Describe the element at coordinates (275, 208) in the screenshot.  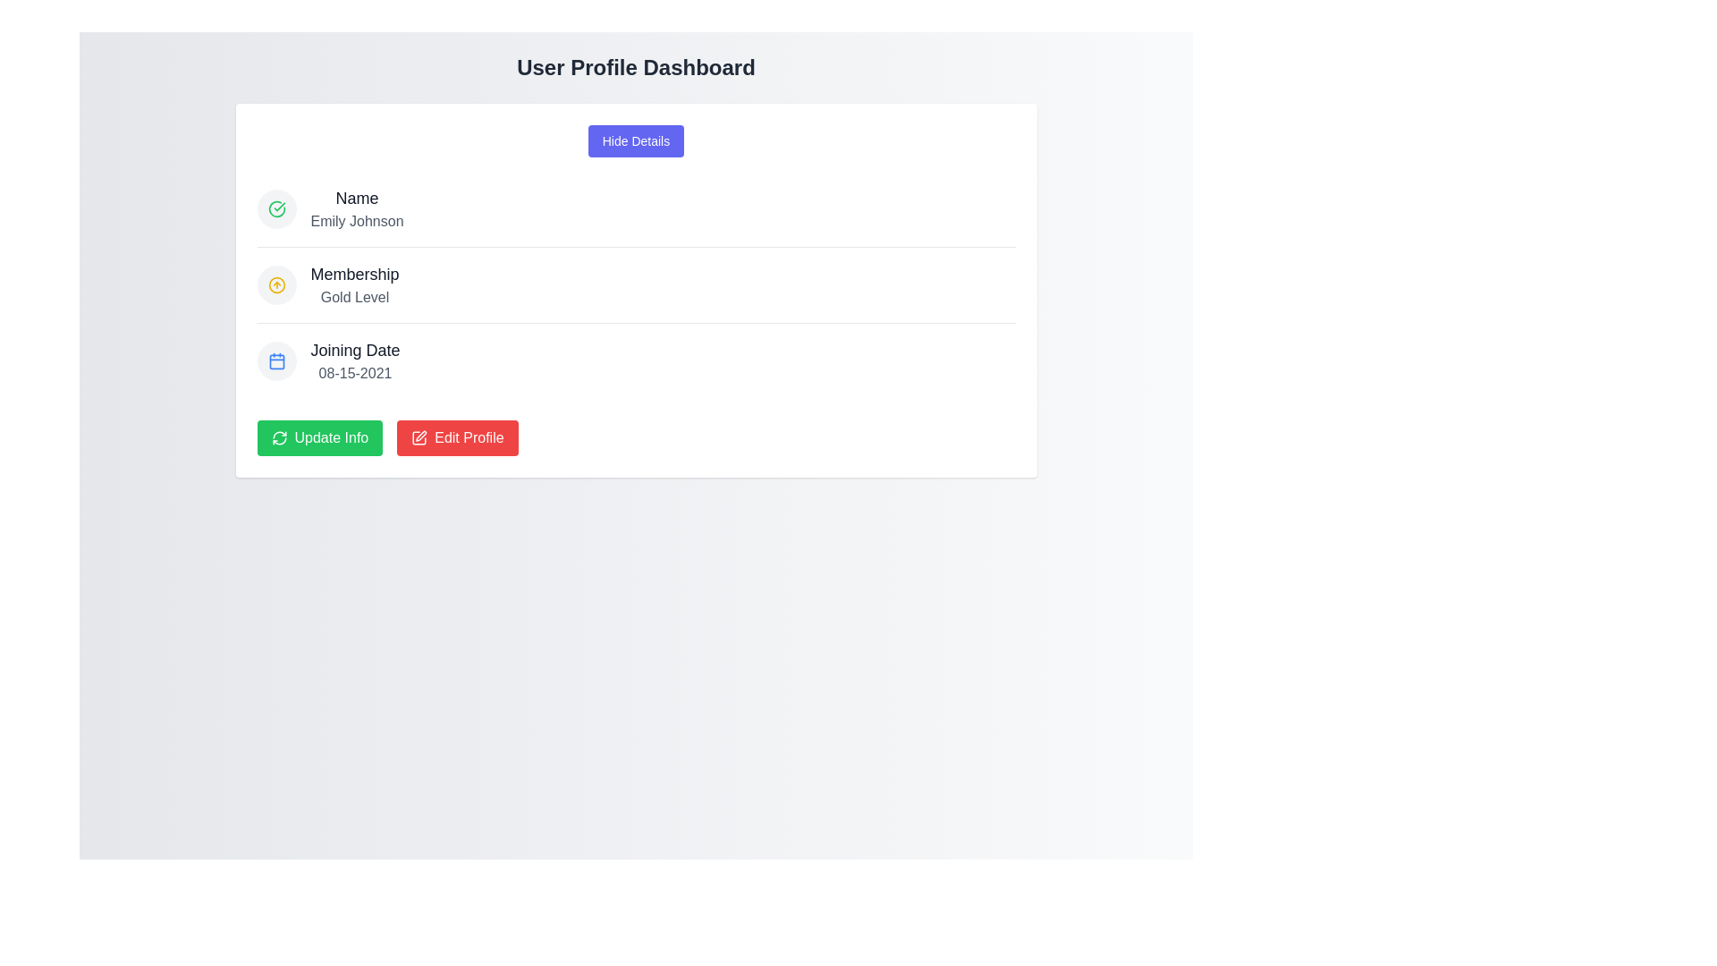
I see `success icon located to the left of the 'Name' text in the user profile for additional information` at that location.